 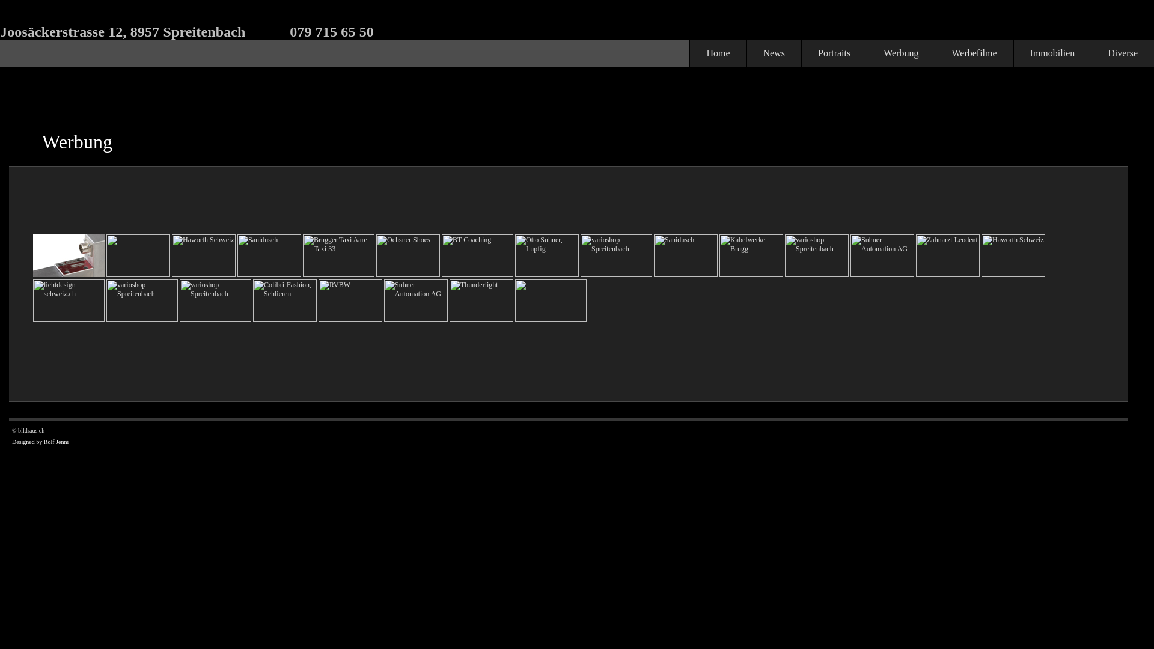 What do you see at coordinates (774, 52) in the screenshot?
I see `'News'` at bounding box center [774, 52].